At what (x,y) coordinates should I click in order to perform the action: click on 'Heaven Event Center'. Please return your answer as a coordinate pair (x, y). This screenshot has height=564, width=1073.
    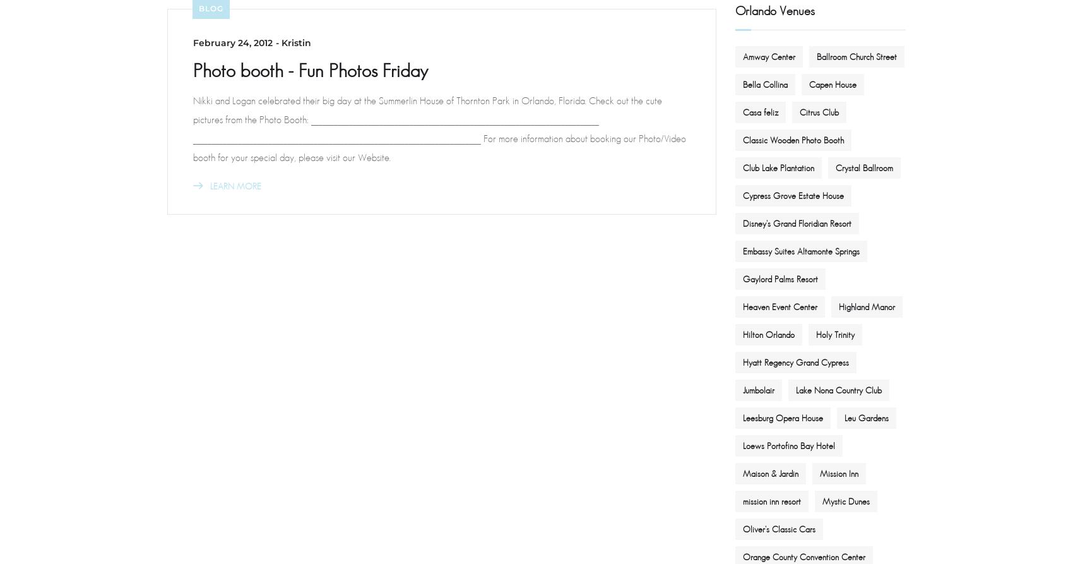
    Looking at the image, I should click on (780, 305).